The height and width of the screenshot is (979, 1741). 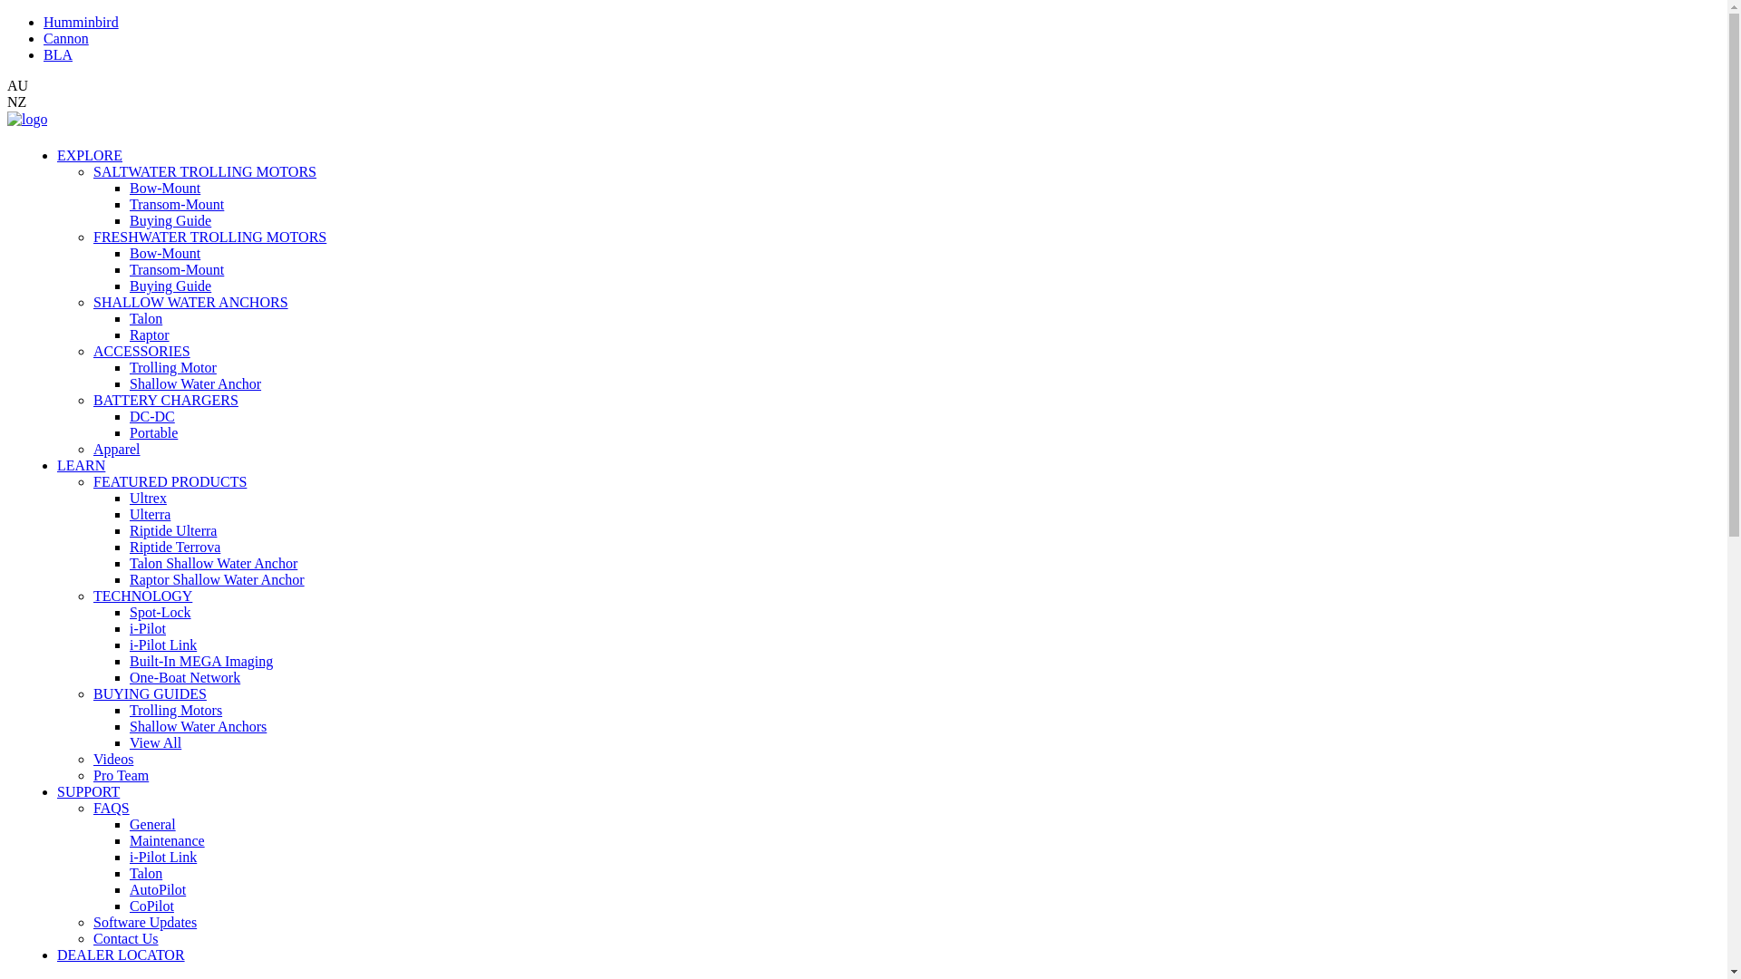 I want to click on 'Shallow Water Anchor', so click(x=195, y=383).